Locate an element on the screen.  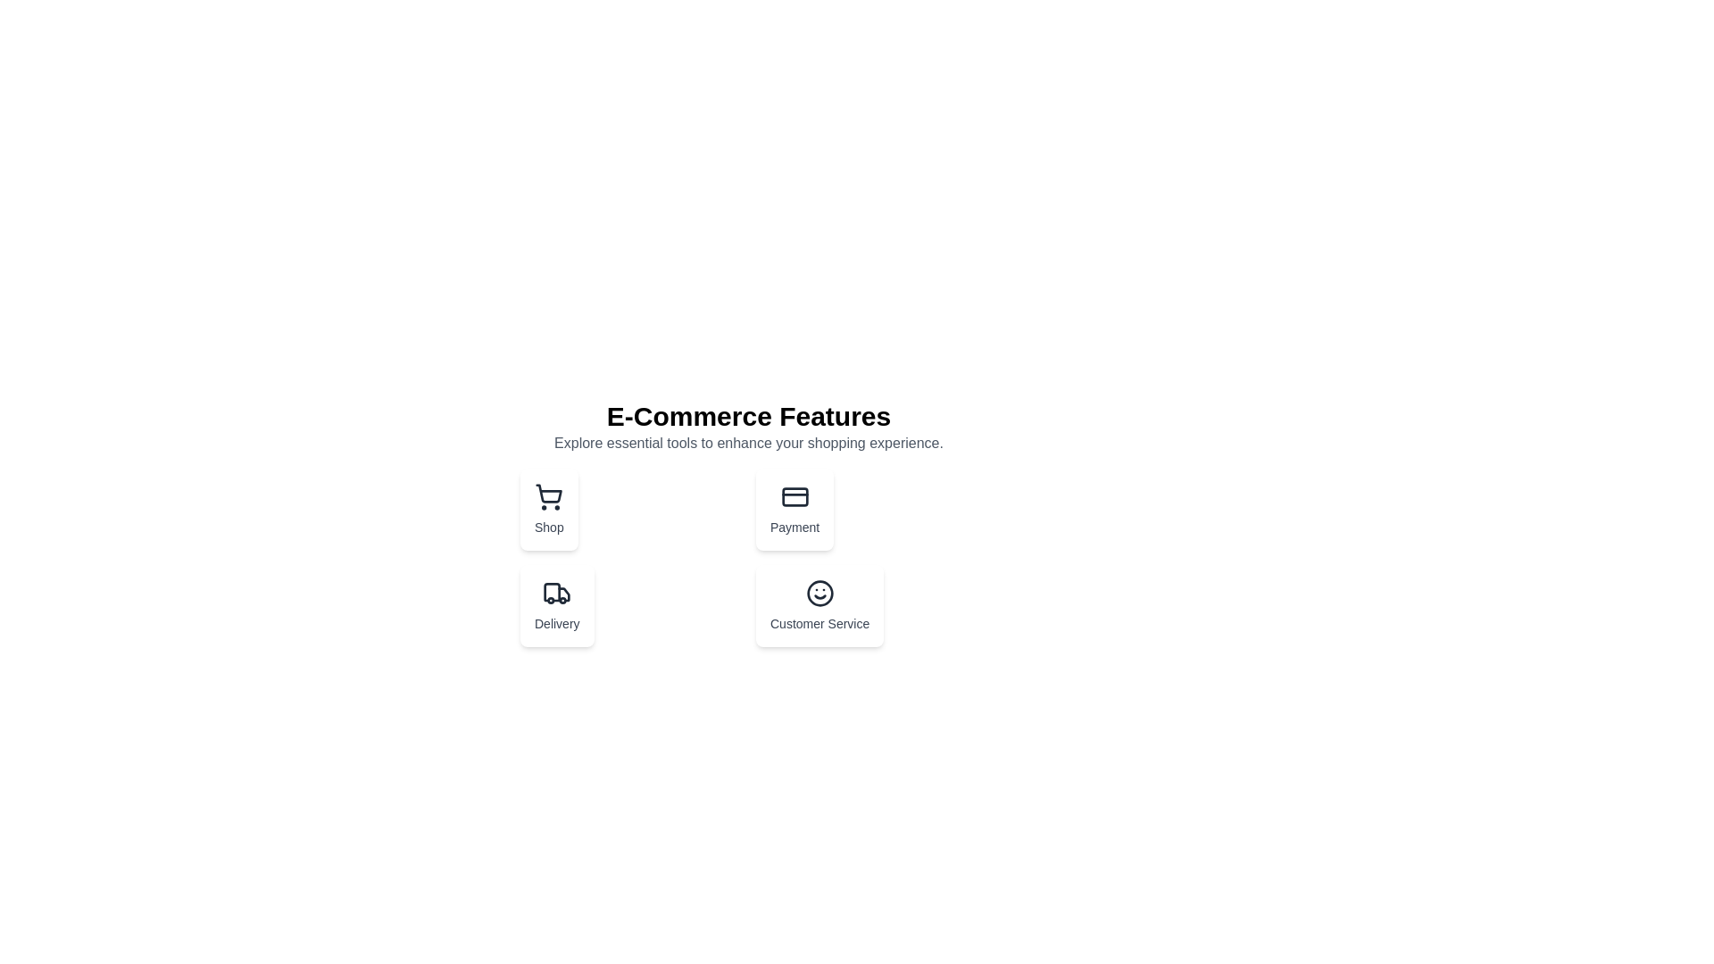
the navigation button for delivery-related functionalities located below the 'E-Commerce Features' heading is located at coordinates (556, 604).